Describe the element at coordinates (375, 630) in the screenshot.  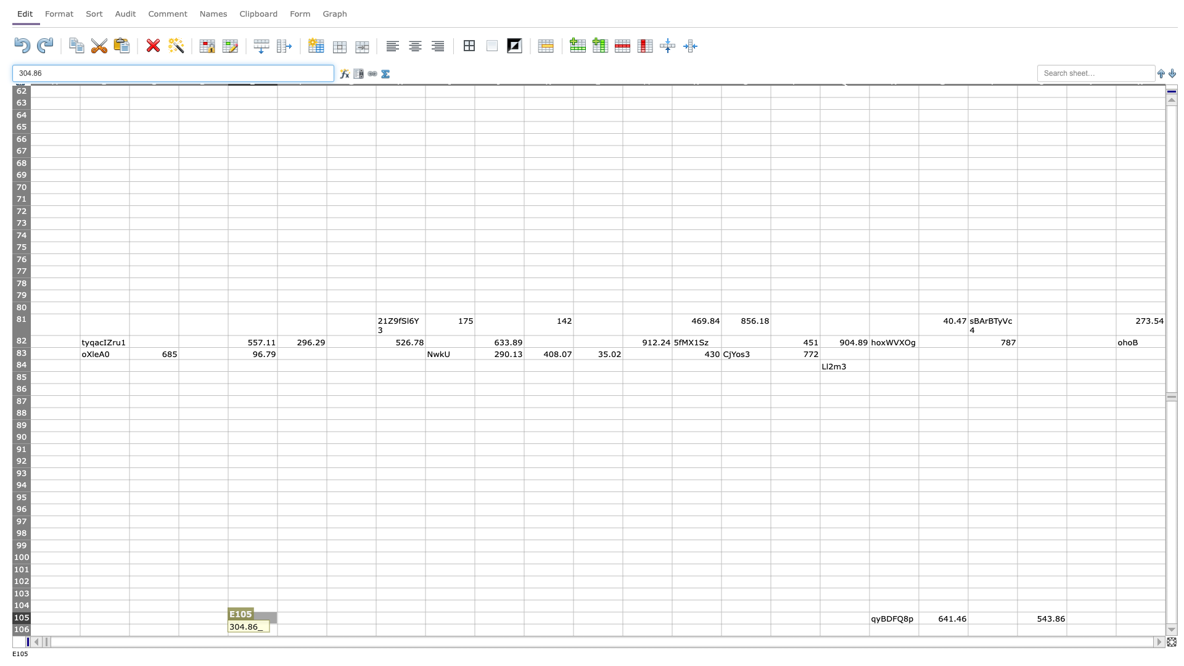
I see `Place cursor on right border of G106` at that location.